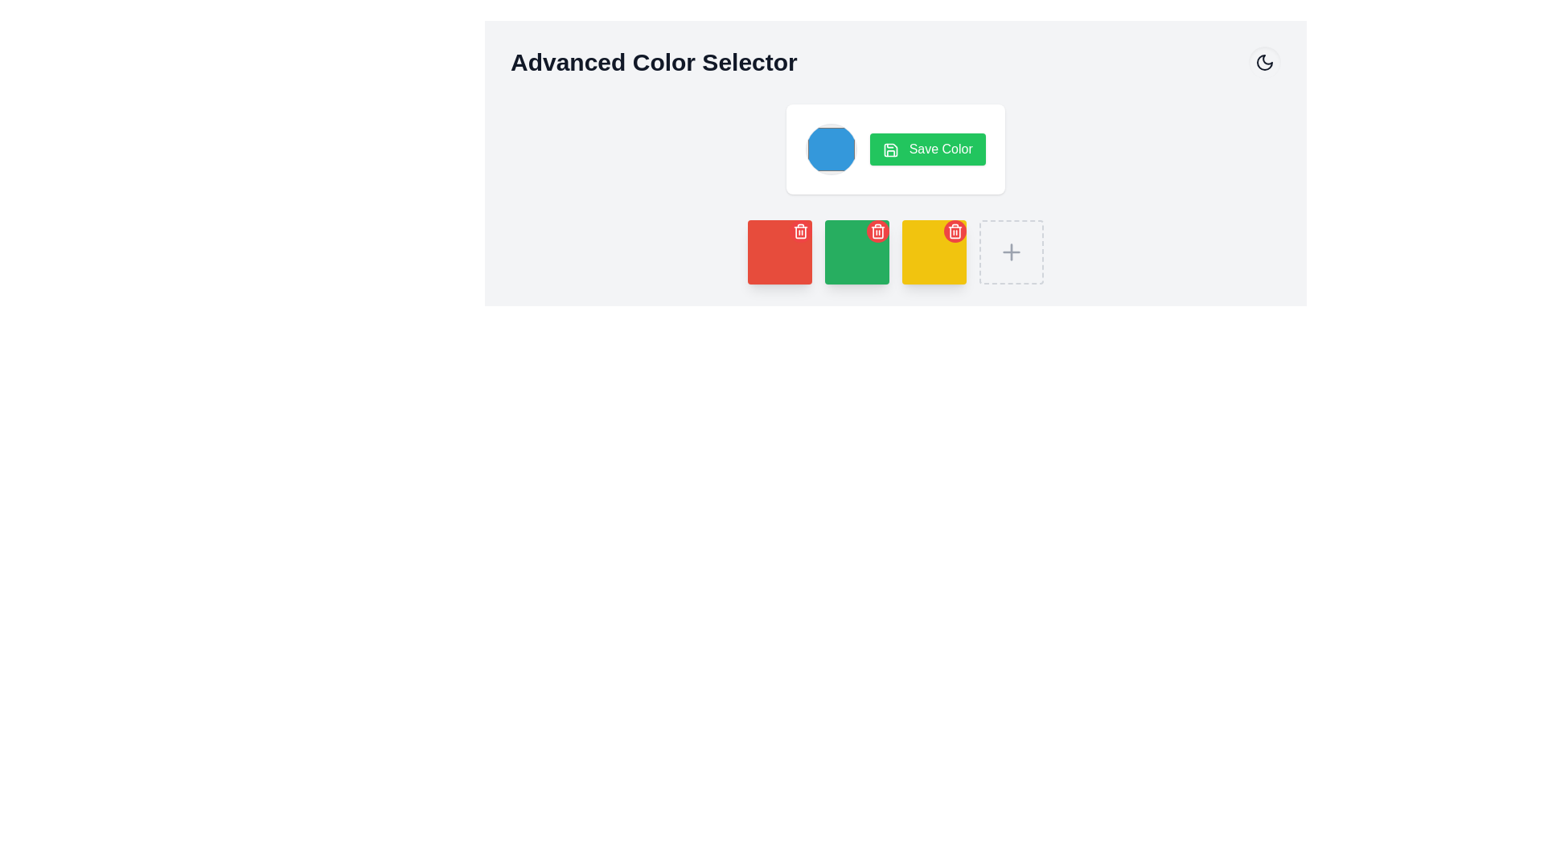 The width and height of the screenshot is (1544, 868). I want to click on the 'Save Color' button located to the right of the blue circular color selector in the 'Advanced Color Selector' section, so click(894, 149).